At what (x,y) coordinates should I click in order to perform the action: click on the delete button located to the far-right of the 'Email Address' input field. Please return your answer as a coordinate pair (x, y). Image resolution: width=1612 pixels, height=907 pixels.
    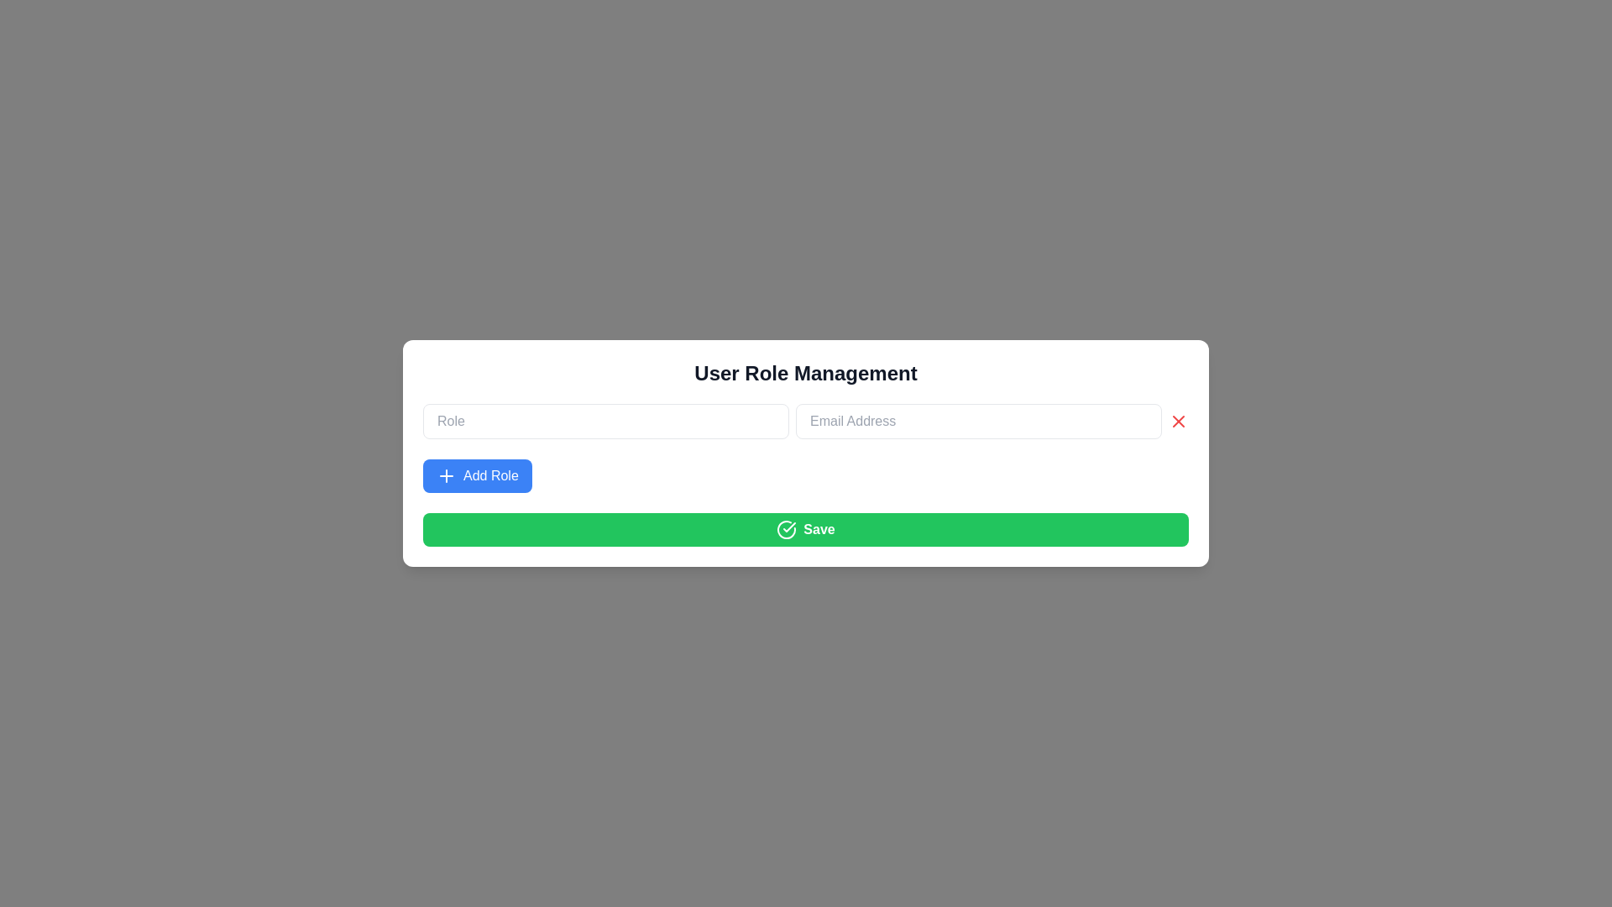
    Looking at the image, I should click on (1177, 420).